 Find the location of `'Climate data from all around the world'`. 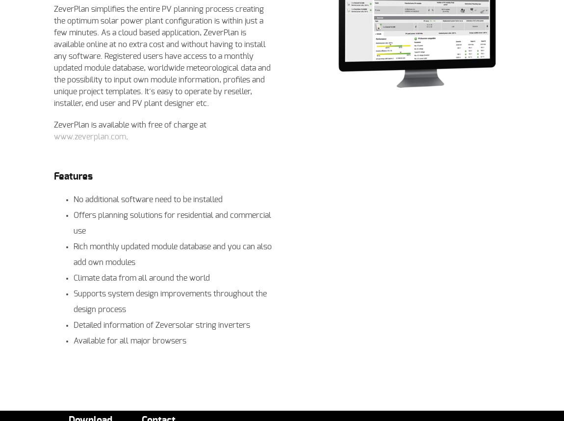

'Climate data from all around the world' is located at coordinates (73, 277).